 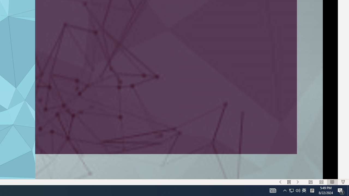 I want to click on 'Reading View', so click(x=332, y=182).